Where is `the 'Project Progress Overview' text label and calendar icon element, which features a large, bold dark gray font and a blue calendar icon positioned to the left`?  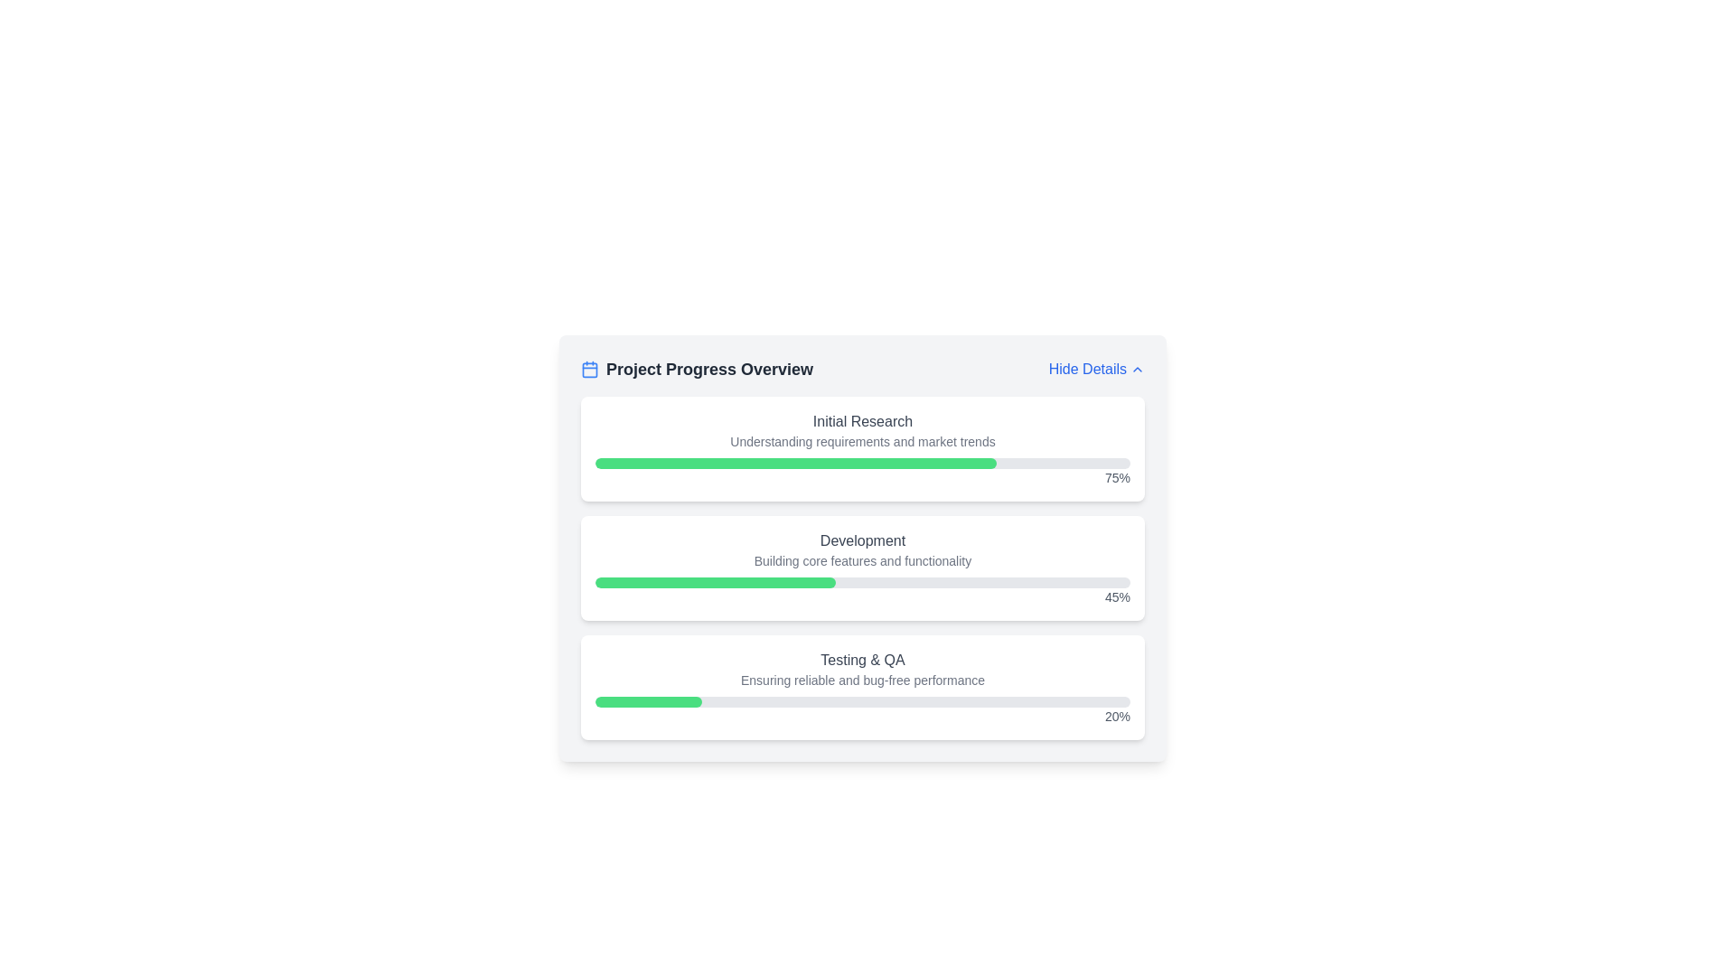
the 'Project Progress Overview' text label and calendar icon element, which features a large, bold dark gray font and a blue calendar icon positioned to the left is located at coordinates (696, 368).